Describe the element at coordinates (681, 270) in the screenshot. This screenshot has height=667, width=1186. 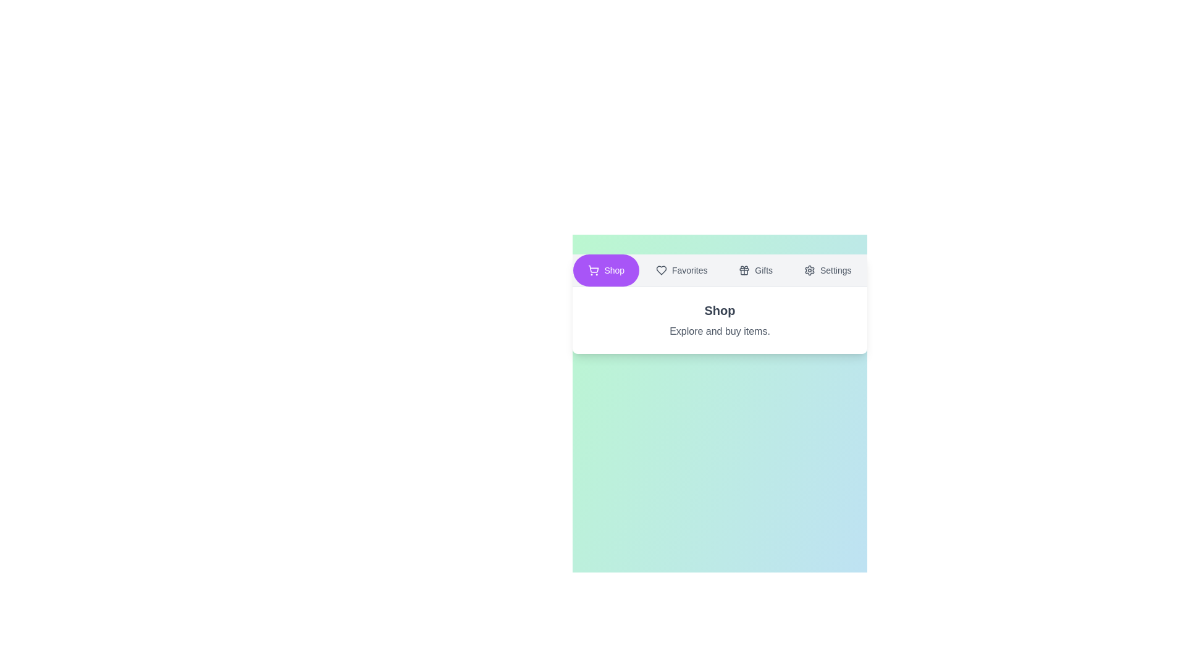
I see `the text label Favorites to select it` at that location.